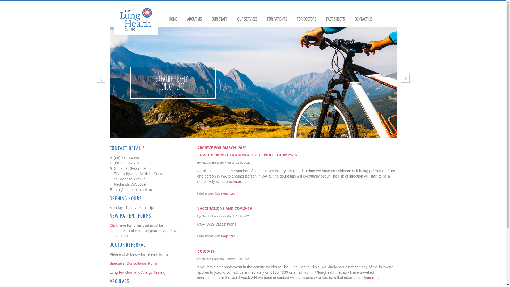 The image size is (510, 287). Describe the element at coordinates (363, 19) in the screenshot. I see `'CONTACT US'` at that location.